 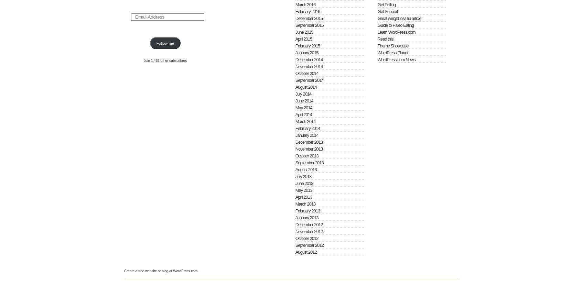 What do you see at coordinates (304, 32) in the screenshot?
I see `'June 2015'` at bounding box center [304, 32].